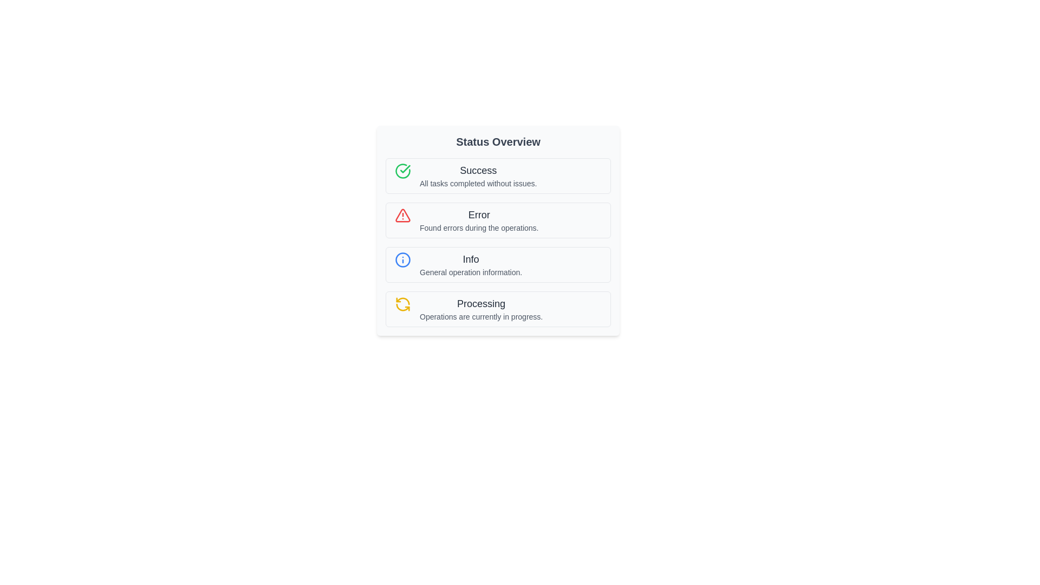 Image resolution: width=1040 pixels, height=585 pixels. I want to click on the text label that serves as a title or header for the section, which is located in a light gray, rounded rectangle above a list of operations, so click(498, 141).